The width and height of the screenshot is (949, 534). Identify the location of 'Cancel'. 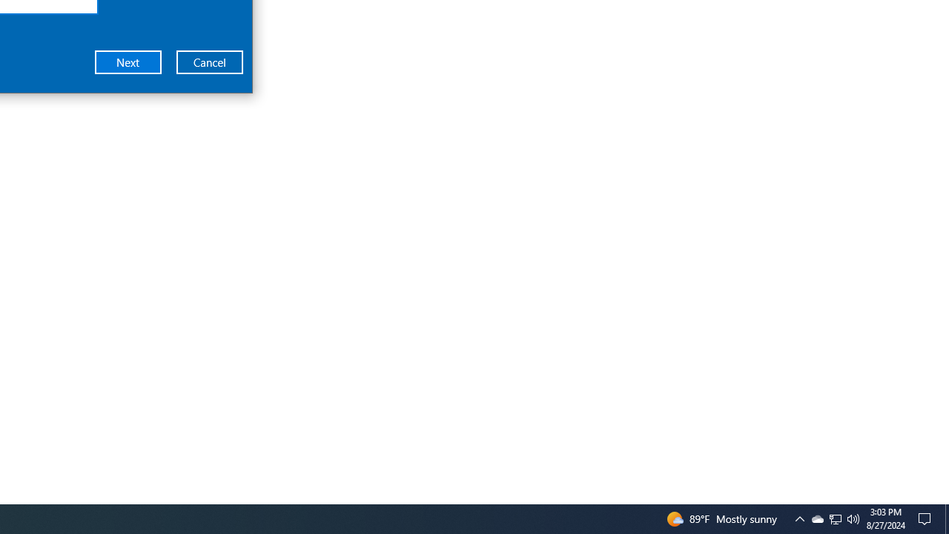
(209, 61).